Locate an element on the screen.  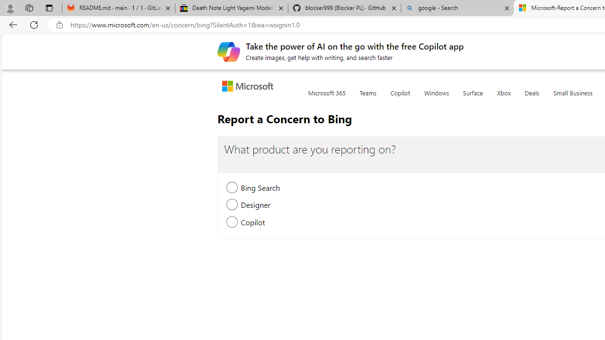
'Teams' is located at coordinates (367, 98).